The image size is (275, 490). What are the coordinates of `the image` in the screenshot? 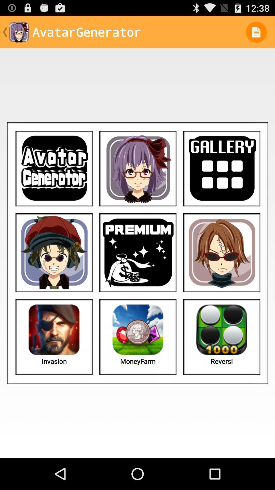 It's located at (138, 168).